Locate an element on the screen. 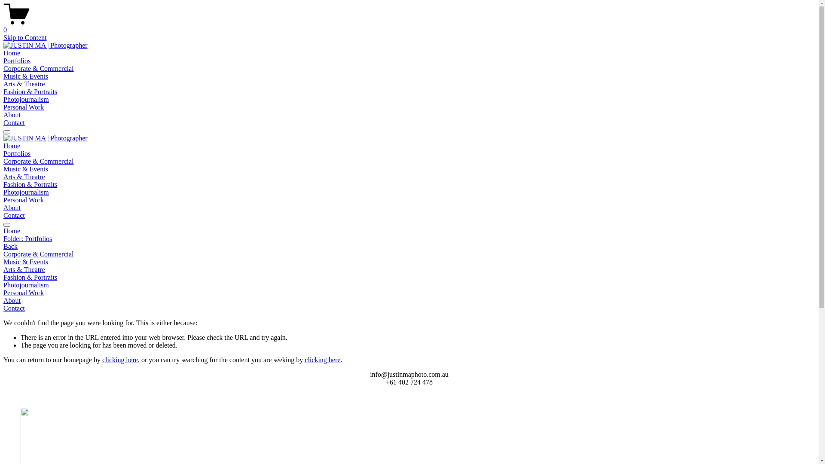 The width and height of the screenshot is (825, 464). 'clicking here' is located at coordinates (119, 360).